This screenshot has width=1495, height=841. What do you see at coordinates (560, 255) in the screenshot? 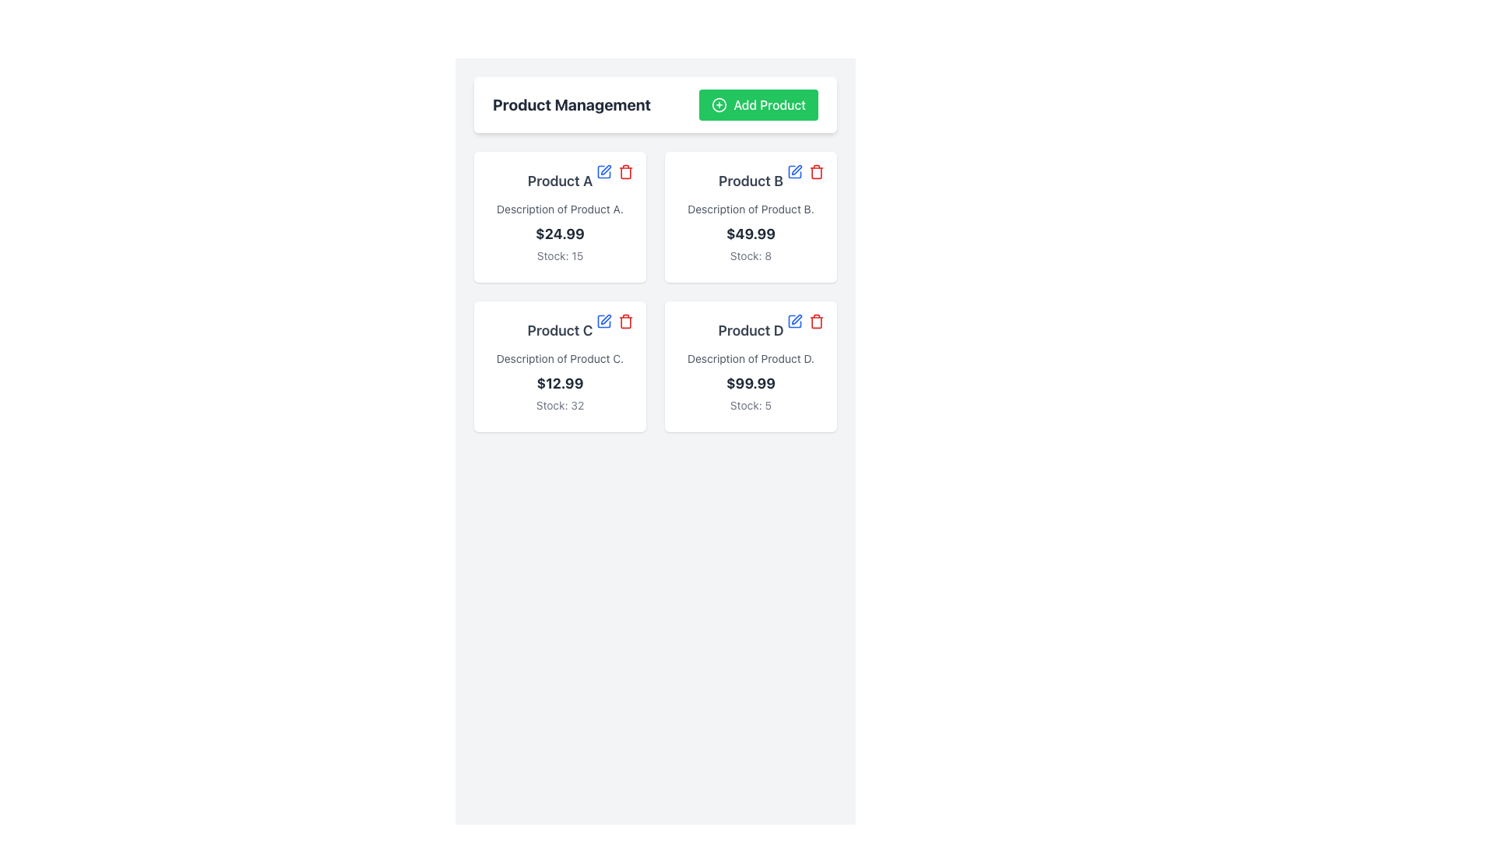
I see `the static text label displaying 'Stock: 15' located at the bottom of the card for 'Product A'` at bounding box center [560, 255].